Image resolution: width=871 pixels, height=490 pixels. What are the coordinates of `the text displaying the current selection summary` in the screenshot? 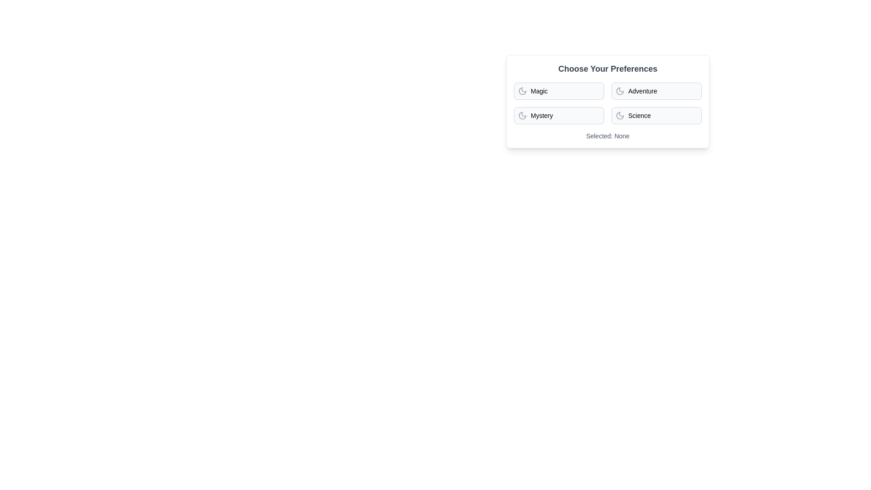 It's located at (607, 136).